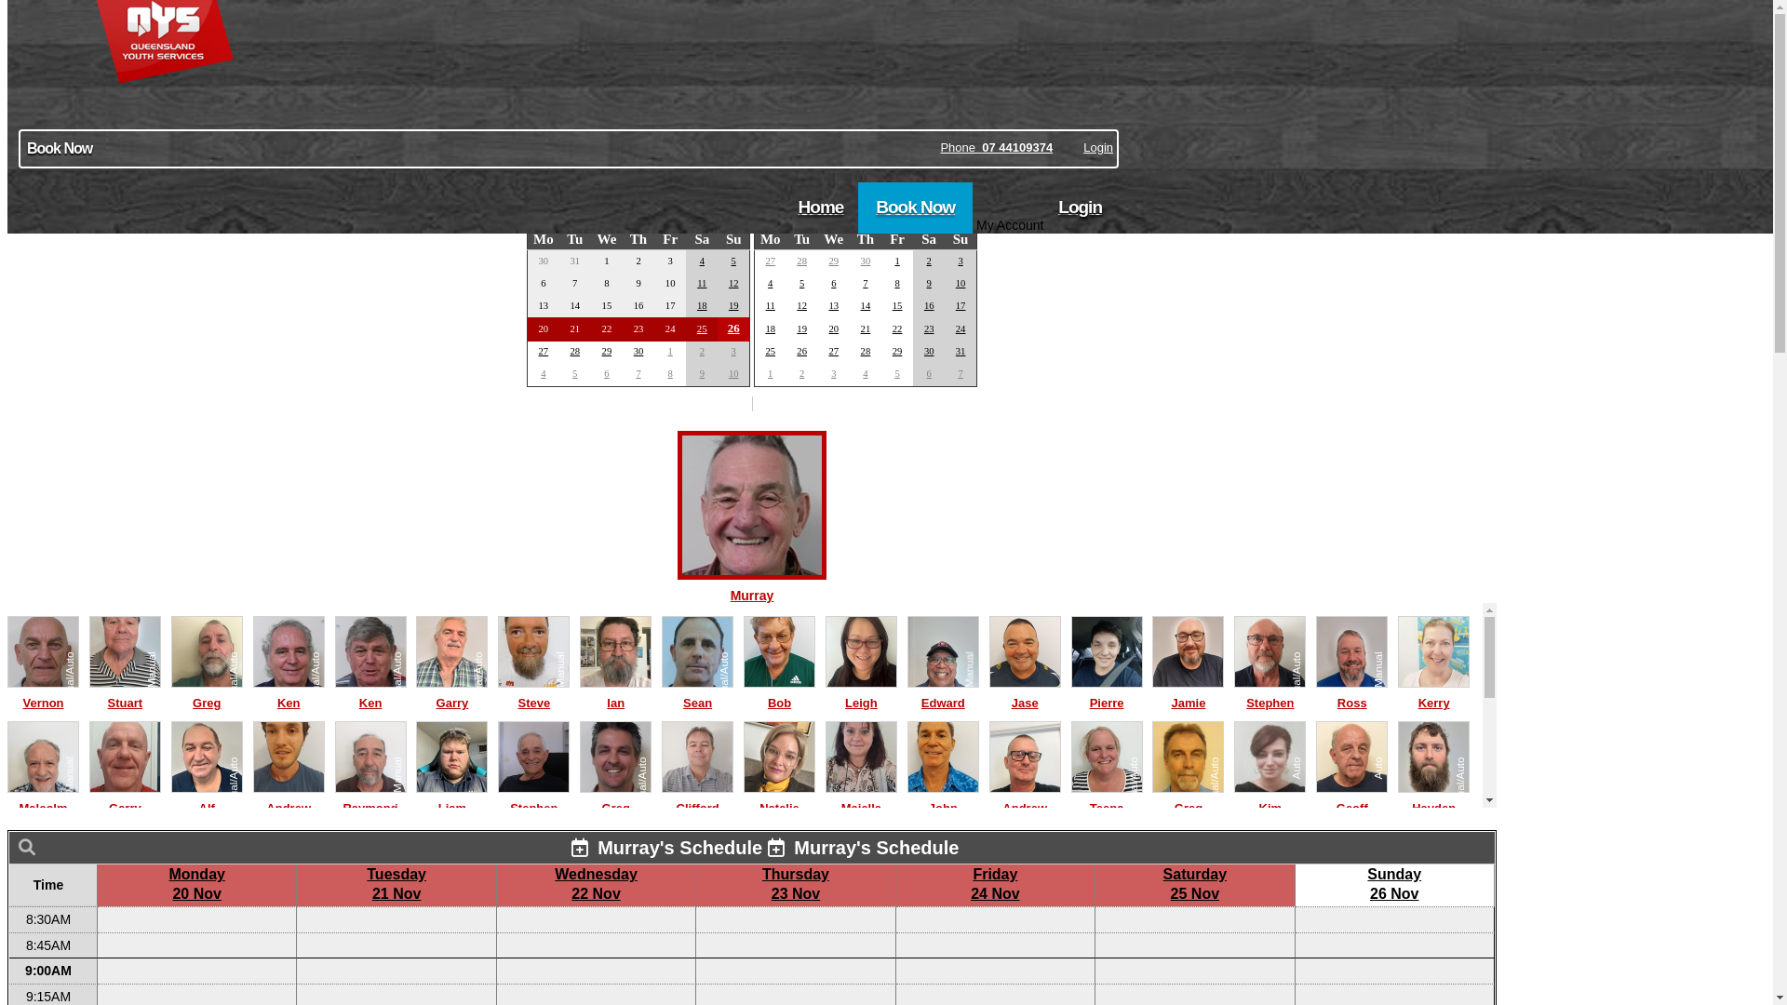 This screenshot has width=1787, height=1005. I want to click on 'Hayden, so click(1432, 797).